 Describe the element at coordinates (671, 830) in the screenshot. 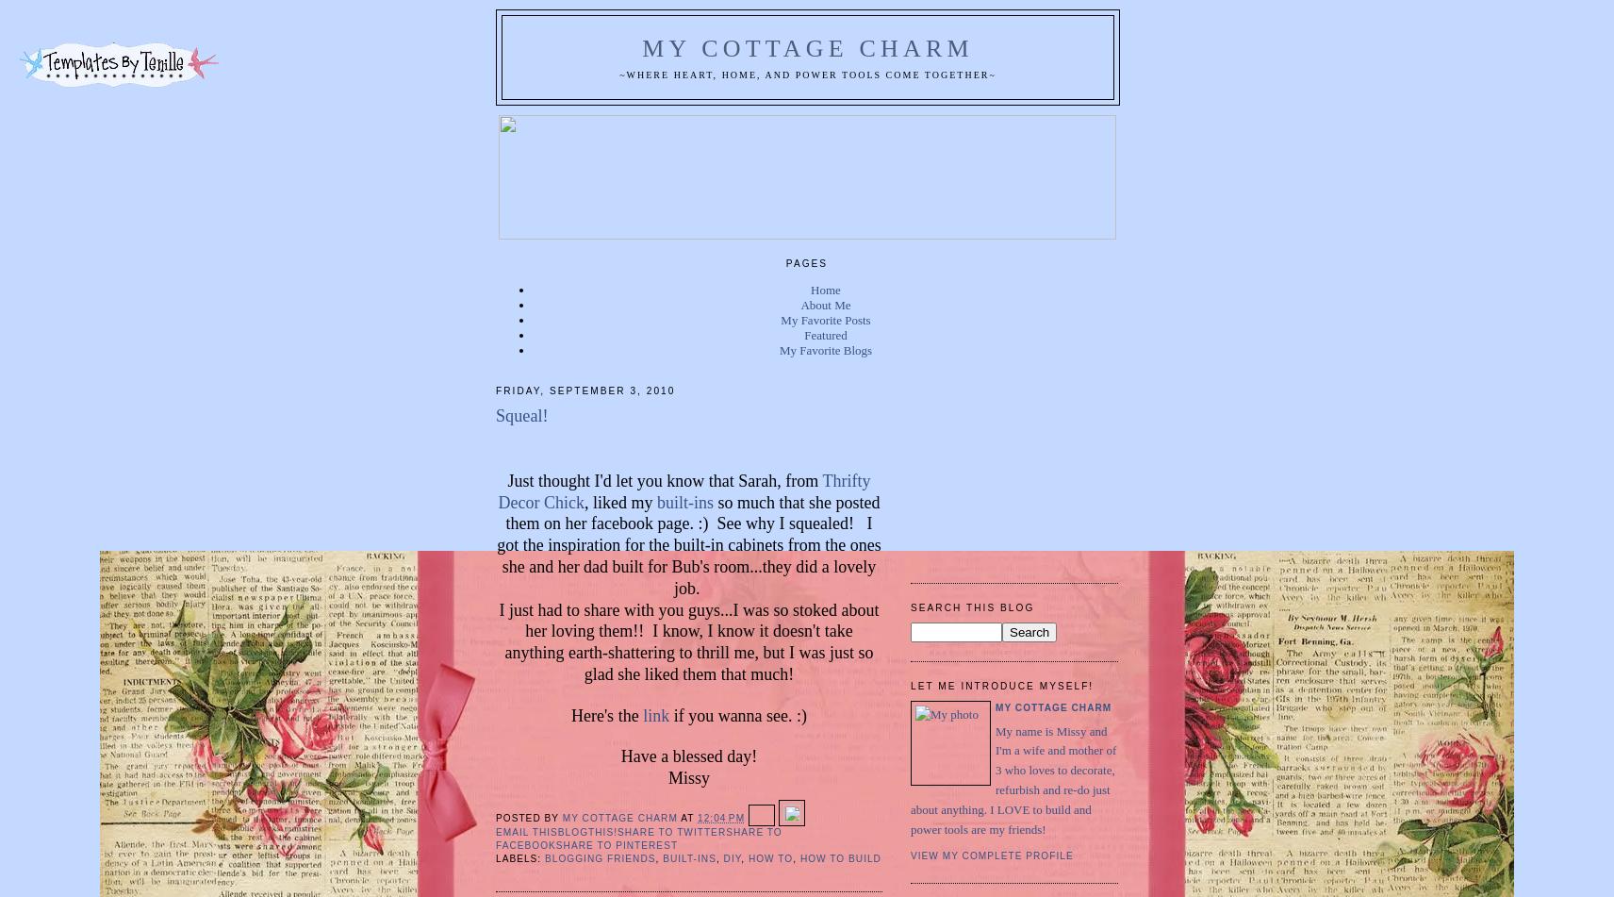

I see `'Share to Twitter'` at that location.